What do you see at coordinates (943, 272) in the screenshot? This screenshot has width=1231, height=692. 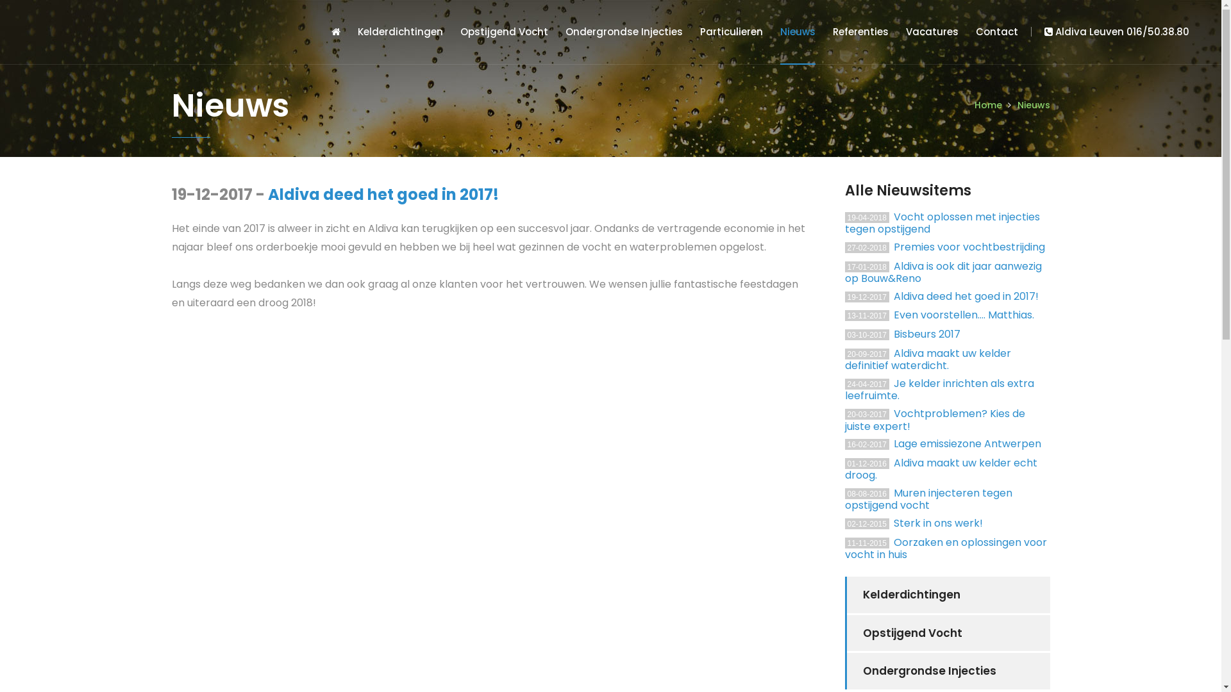 I see `'Aldiva is ook dit jaar aanwezig op Bouw&Reno'` at bounding box center [943, 272].